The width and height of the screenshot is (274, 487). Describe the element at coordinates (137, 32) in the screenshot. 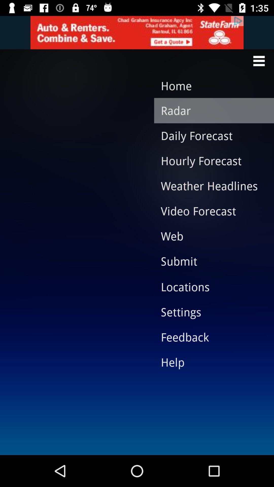

I see `banner` at that location.